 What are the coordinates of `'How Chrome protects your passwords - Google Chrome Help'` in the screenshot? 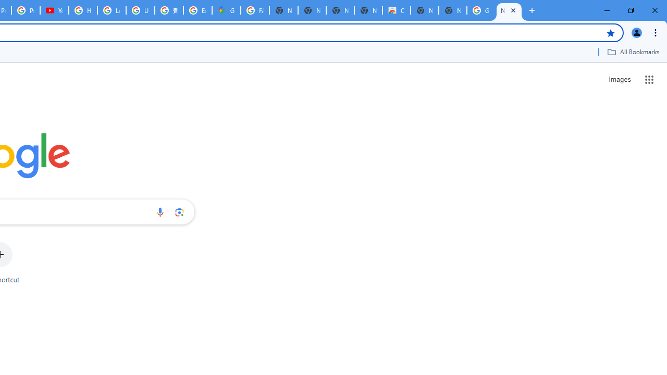 It's located at (82, 10).